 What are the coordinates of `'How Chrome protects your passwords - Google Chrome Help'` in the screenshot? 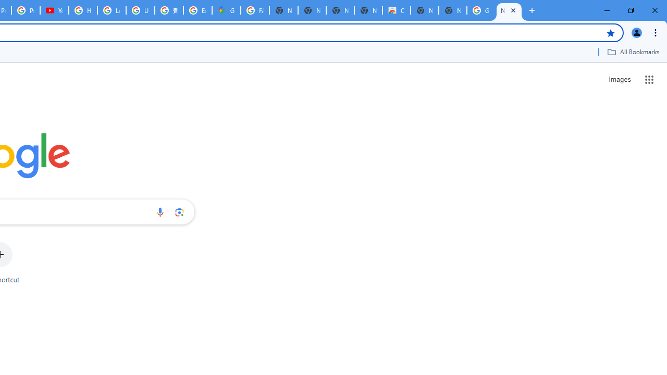 It's located at (82, 10).